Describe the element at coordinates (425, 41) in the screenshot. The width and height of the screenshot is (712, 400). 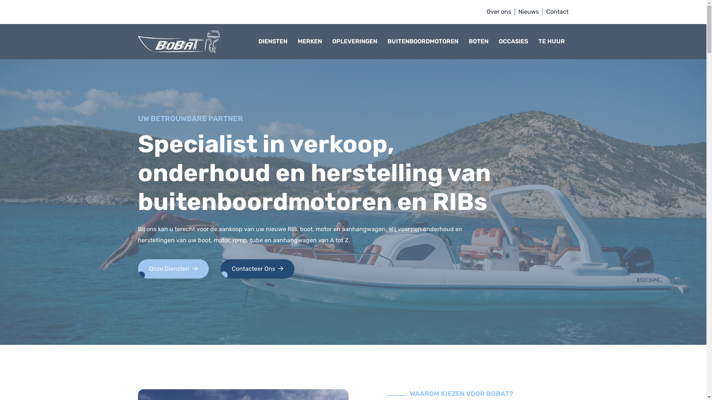
I see `'BUITENBOORDMOTOREN'` at that location.